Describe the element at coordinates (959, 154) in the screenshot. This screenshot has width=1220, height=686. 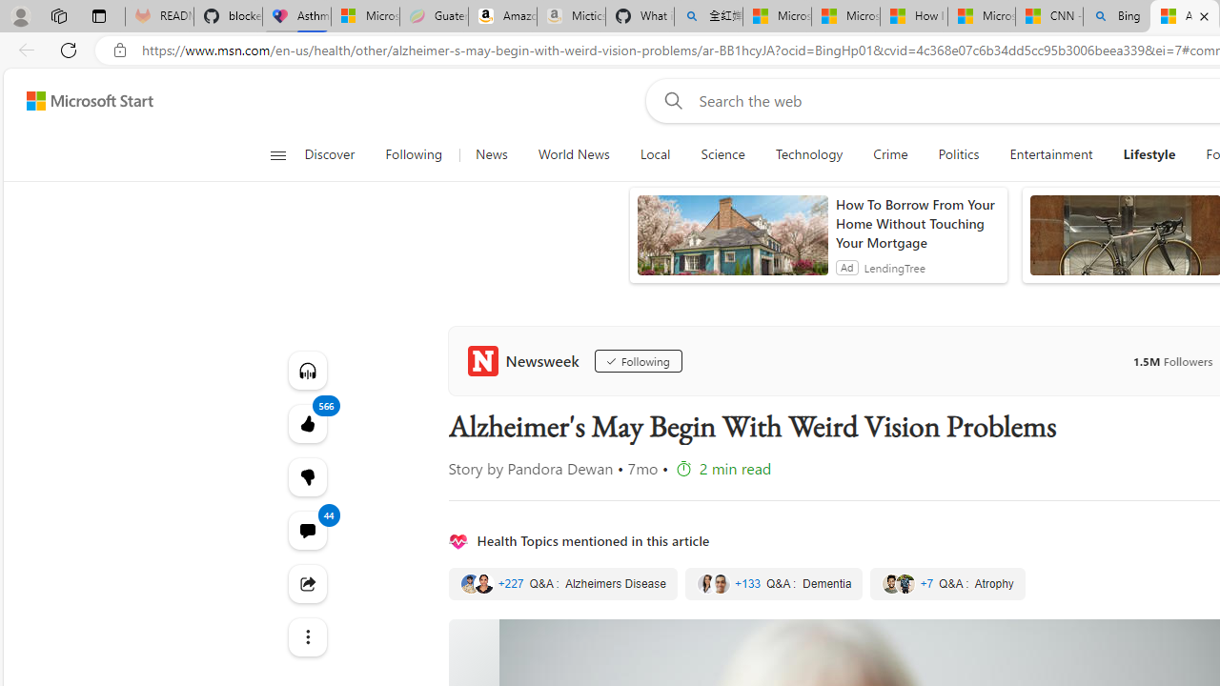
I see `'Politics'` at that location.